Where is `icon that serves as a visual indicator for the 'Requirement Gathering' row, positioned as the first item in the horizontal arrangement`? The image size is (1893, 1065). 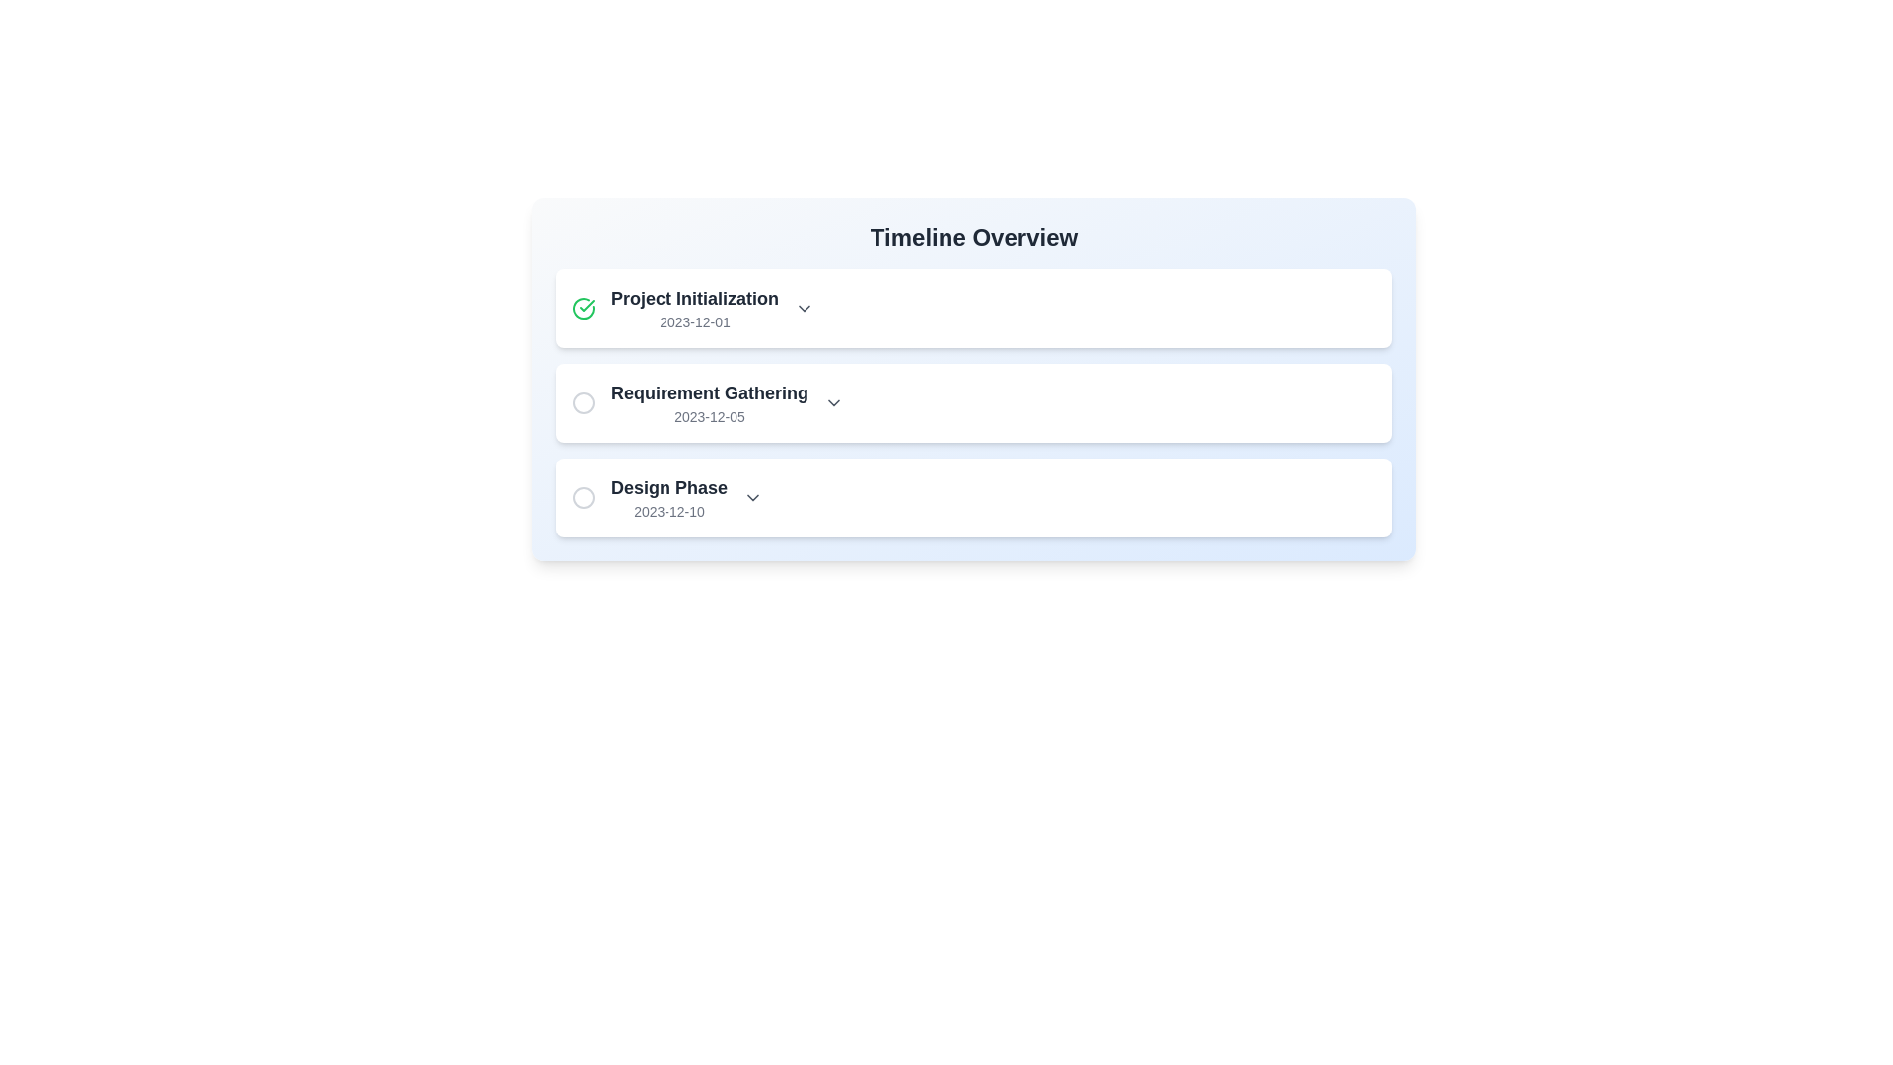
icon that serves as a visual indicator for the 'Requirement Gathering' row, positioned as the first item in the horizontal arrangement is located at coordinates (582, 401).